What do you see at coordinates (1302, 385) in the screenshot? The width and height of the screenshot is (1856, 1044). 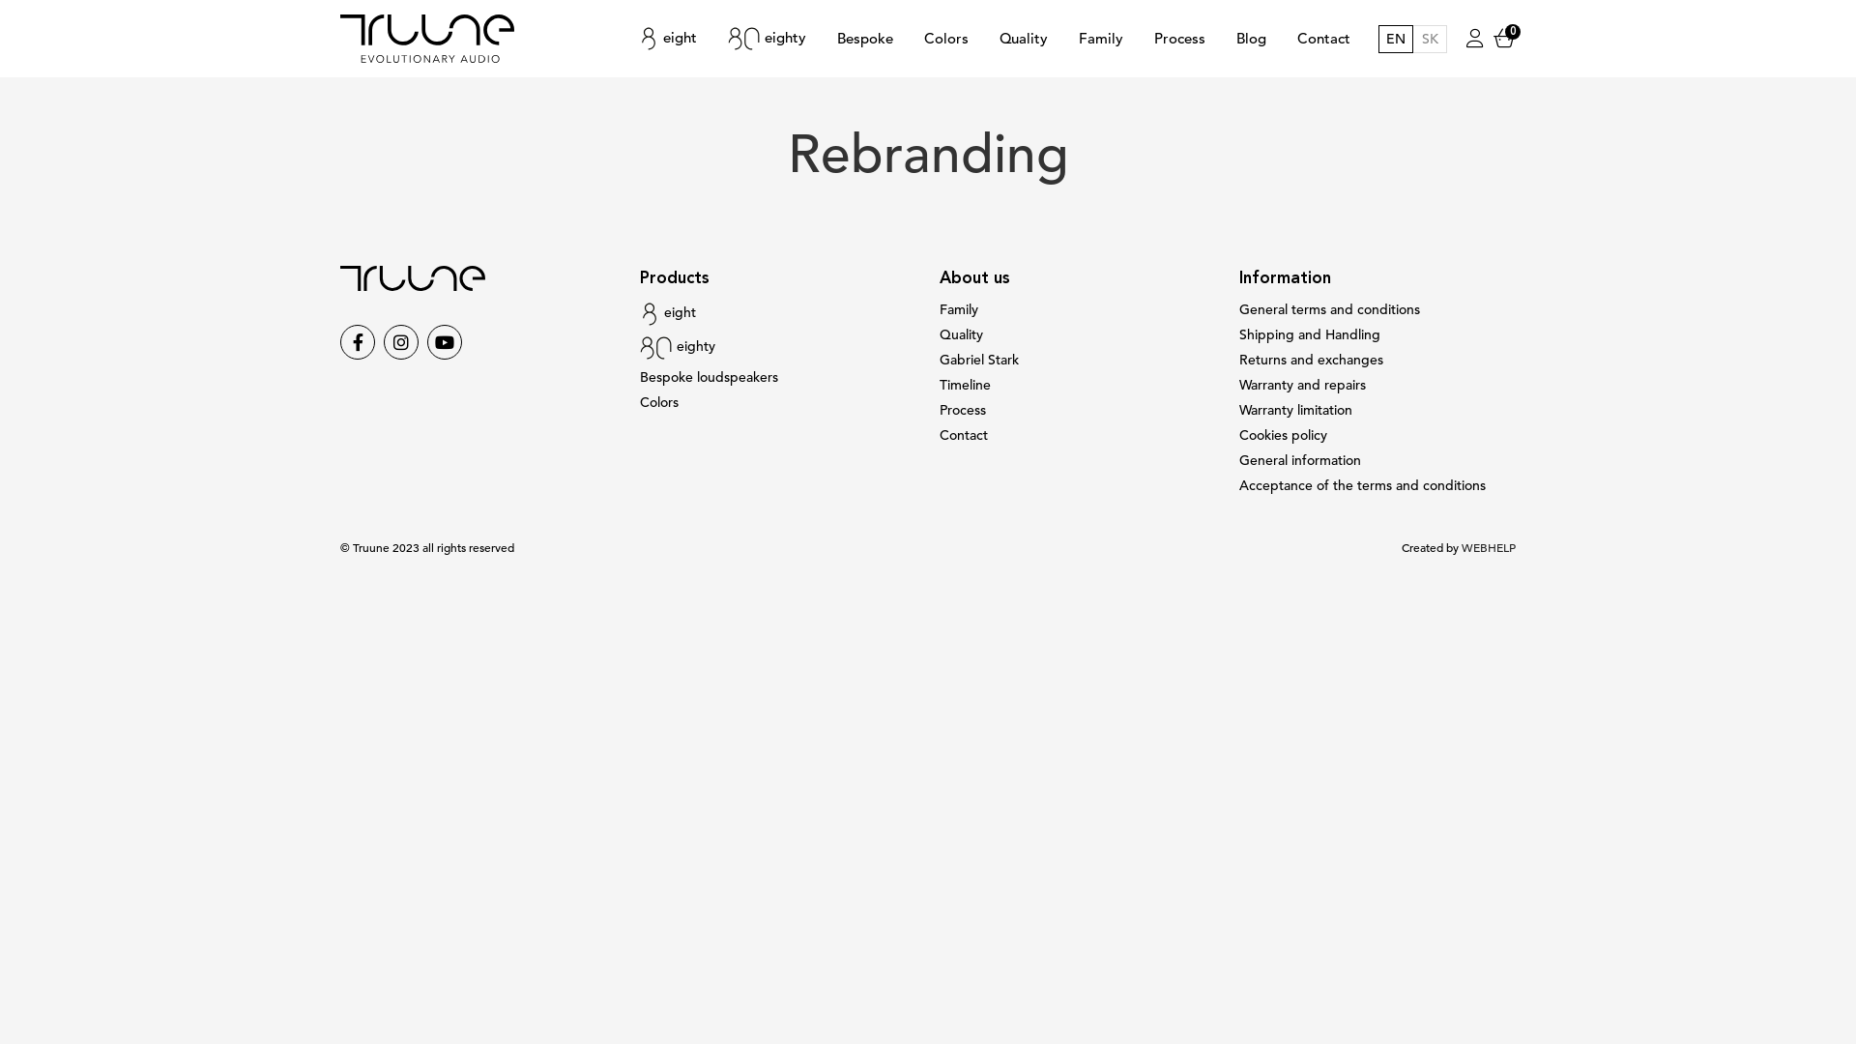 I see `'Warranty and repairs'` at bounding box center [1302, 385].